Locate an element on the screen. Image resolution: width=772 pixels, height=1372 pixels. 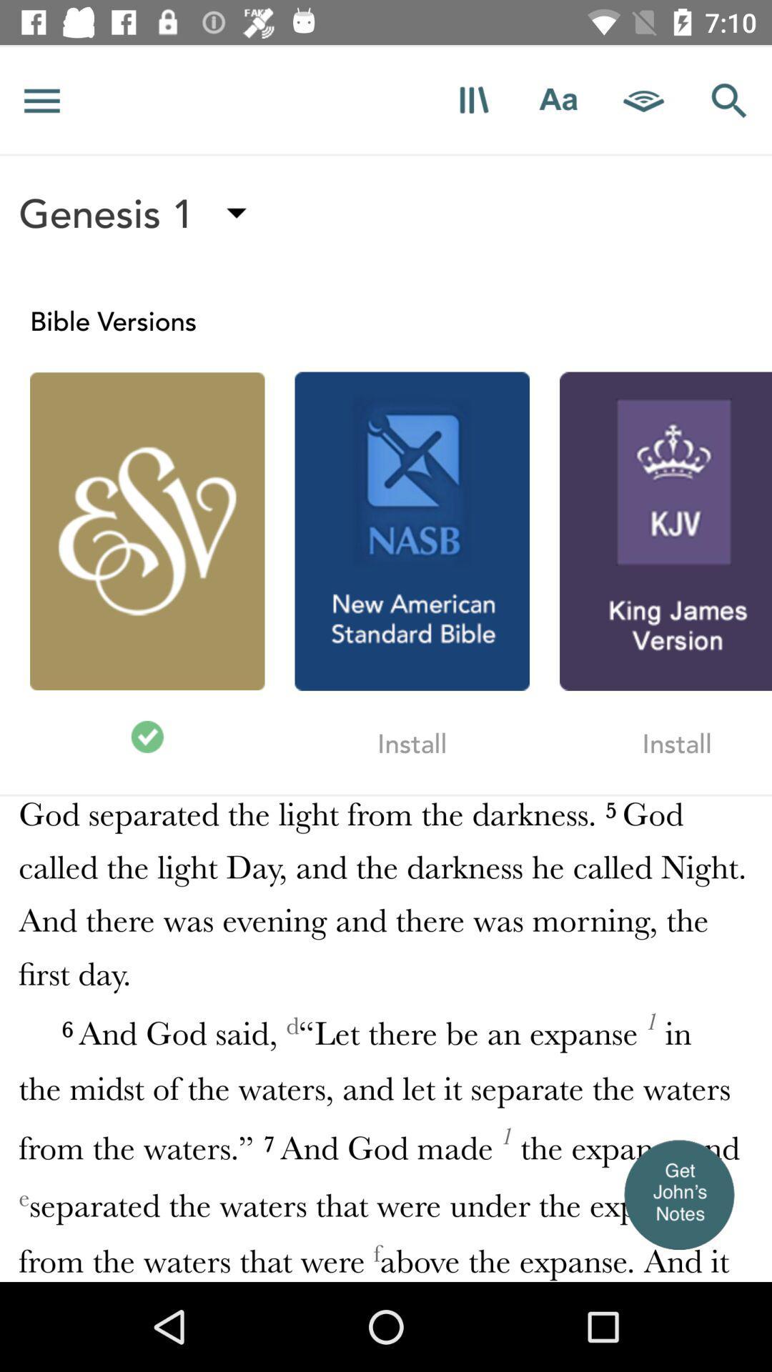
more option is located at coordinates (41, 99).